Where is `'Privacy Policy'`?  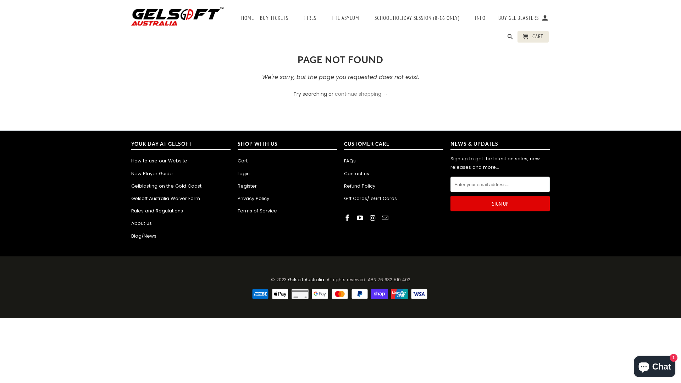
'Privacy Policy' is located at coordinates (253, 198).